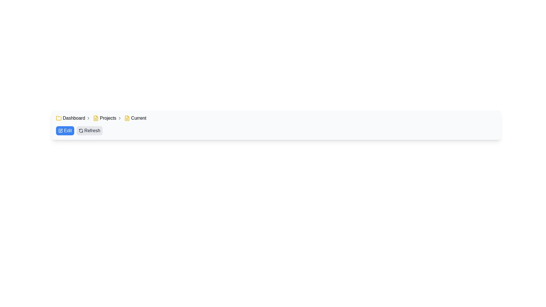  What do you see at coordinates (59, 118) in the screenshot?
I see `the inner detailing of the folder icon located near the top left of the breadcrumb navigation bar` at bounding box center [59, 118].